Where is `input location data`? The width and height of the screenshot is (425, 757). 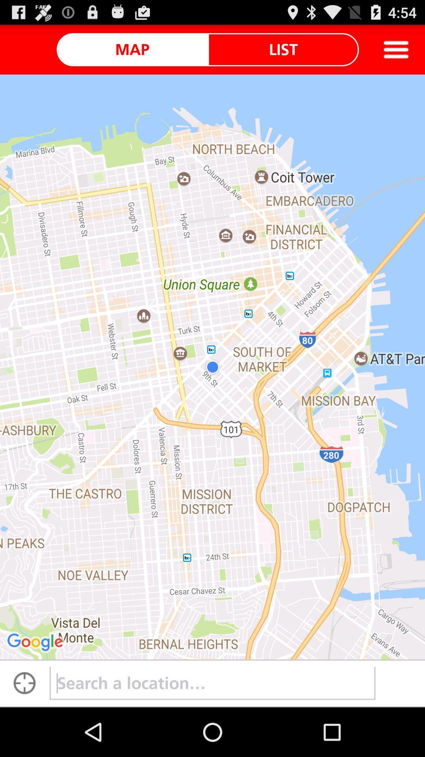 input location data is located at coordinates (213, 683).